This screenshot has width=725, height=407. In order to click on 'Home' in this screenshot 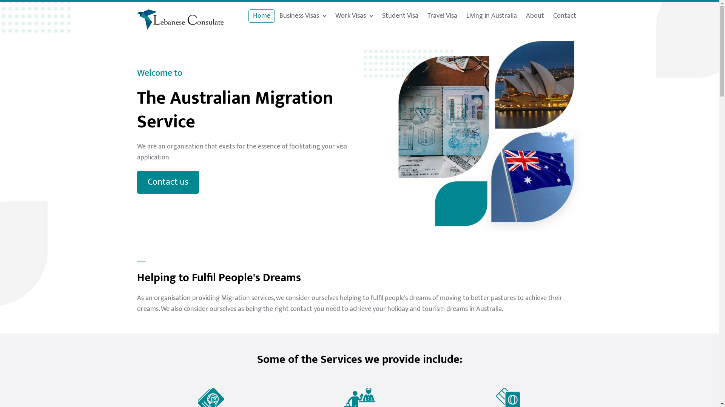, I will do `click(261, 16)`.